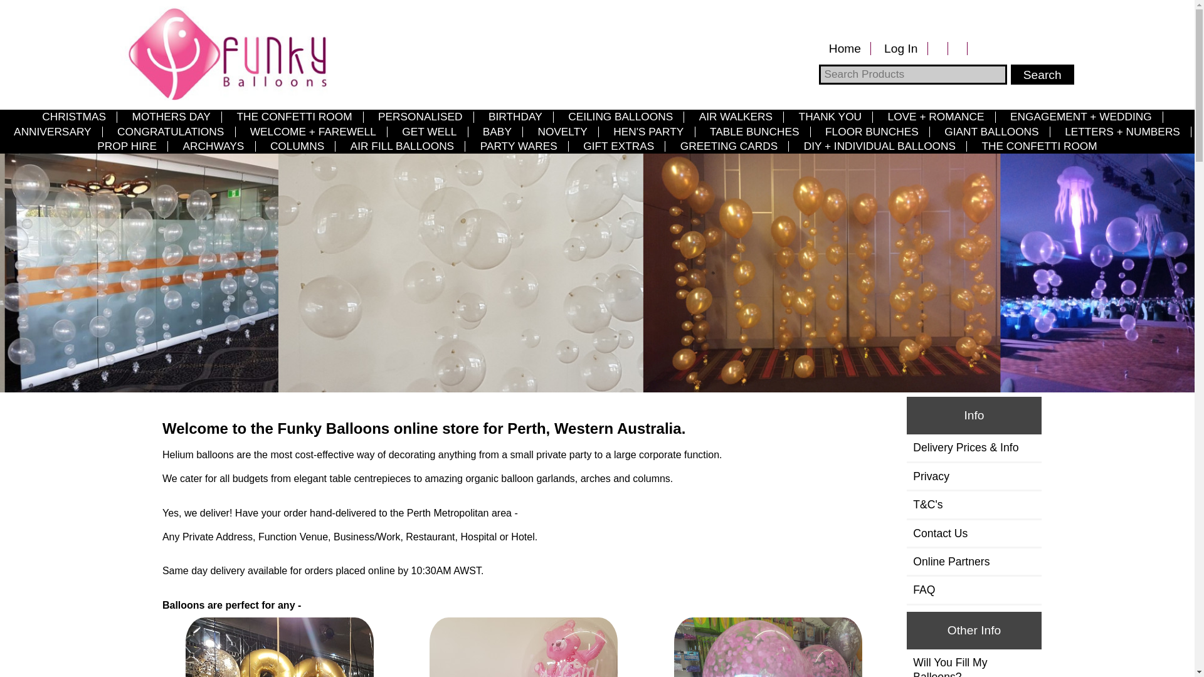 The image size is (1204, 677). Describe the element at coordinates (52, 132) in the screenshot. I see `'ANNIVERSARY'` at that location.